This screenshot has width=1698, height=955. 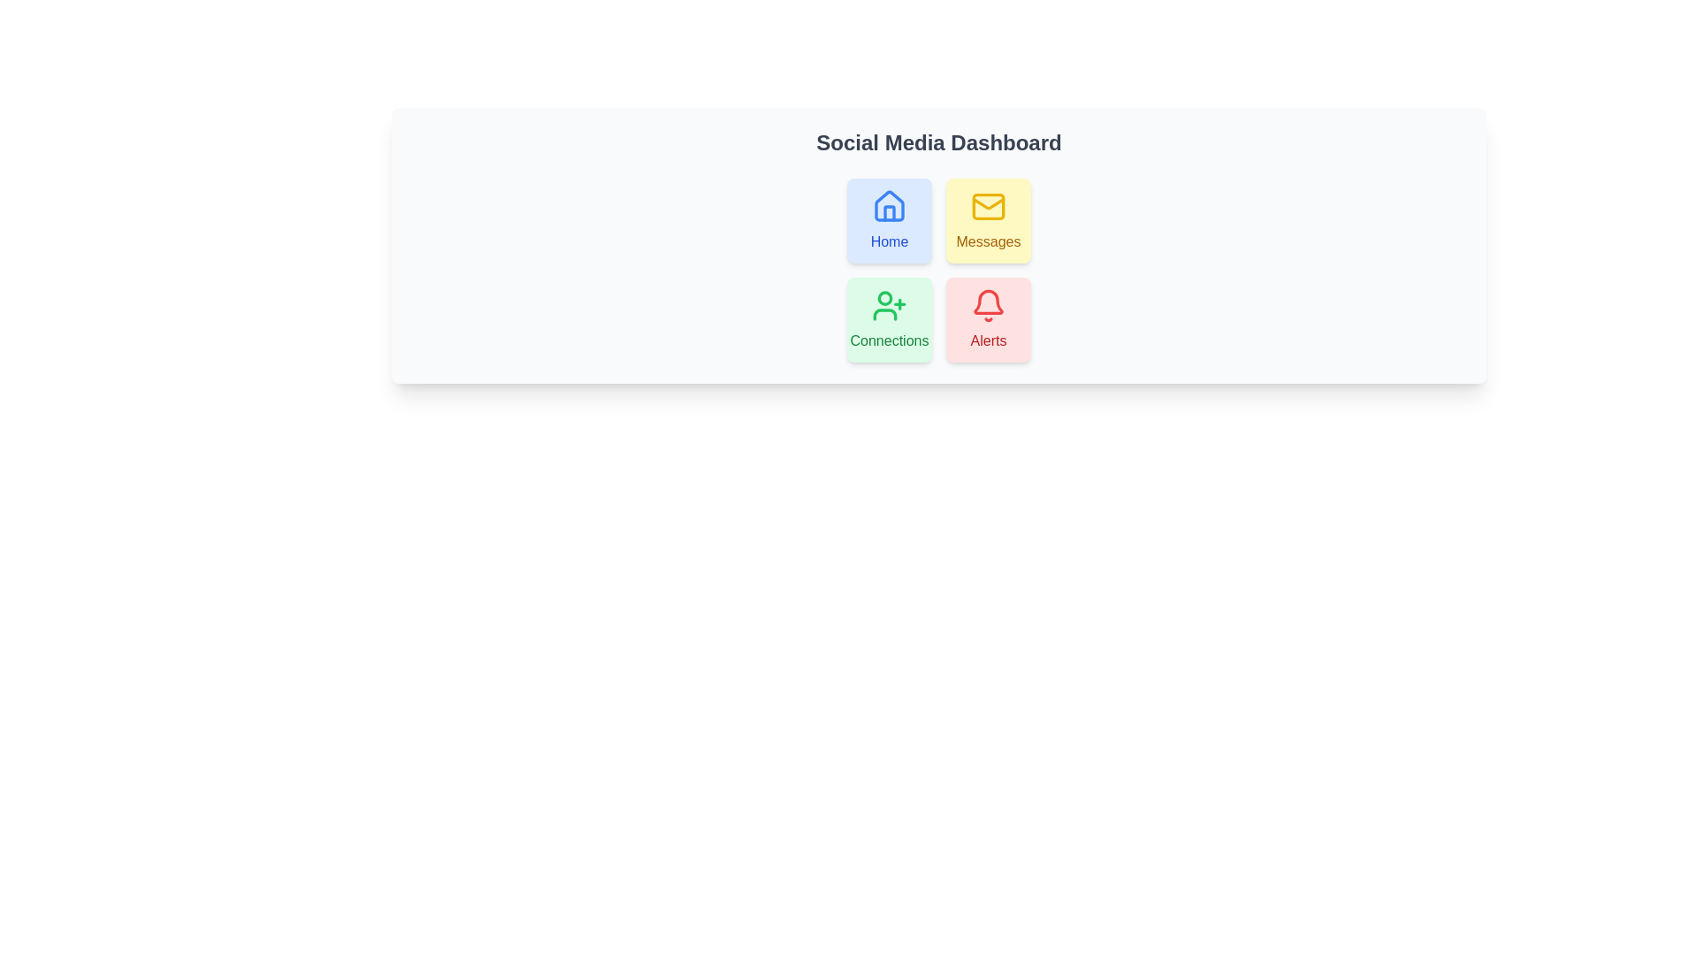 What do you see at coordinates (988, 220) in the screenshot?
I see `the 'Messages' button located in the top-right of the 2x2 grid layout in the 'Social Media Dashboard'` at bounding box center [988, 220].